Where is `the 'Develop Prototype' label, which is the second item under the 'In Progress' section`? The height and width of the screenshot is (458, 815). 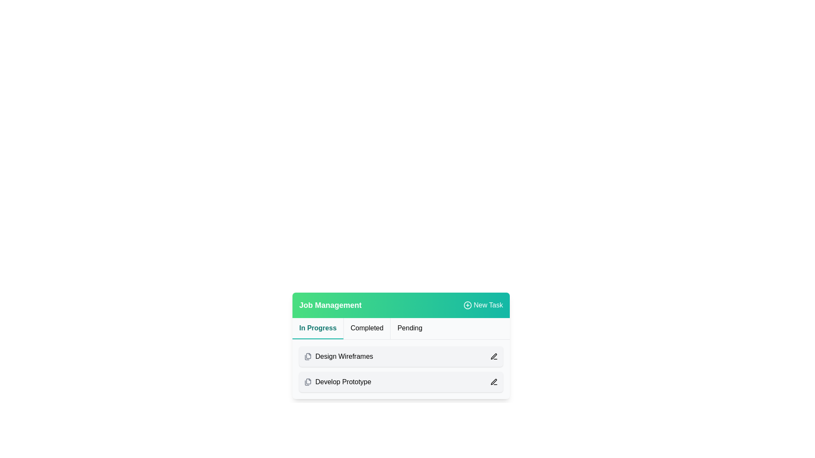 the 'Develop Prototype' label, which is the second item under the 'In Progress' section is located at coordinates (337, 382).